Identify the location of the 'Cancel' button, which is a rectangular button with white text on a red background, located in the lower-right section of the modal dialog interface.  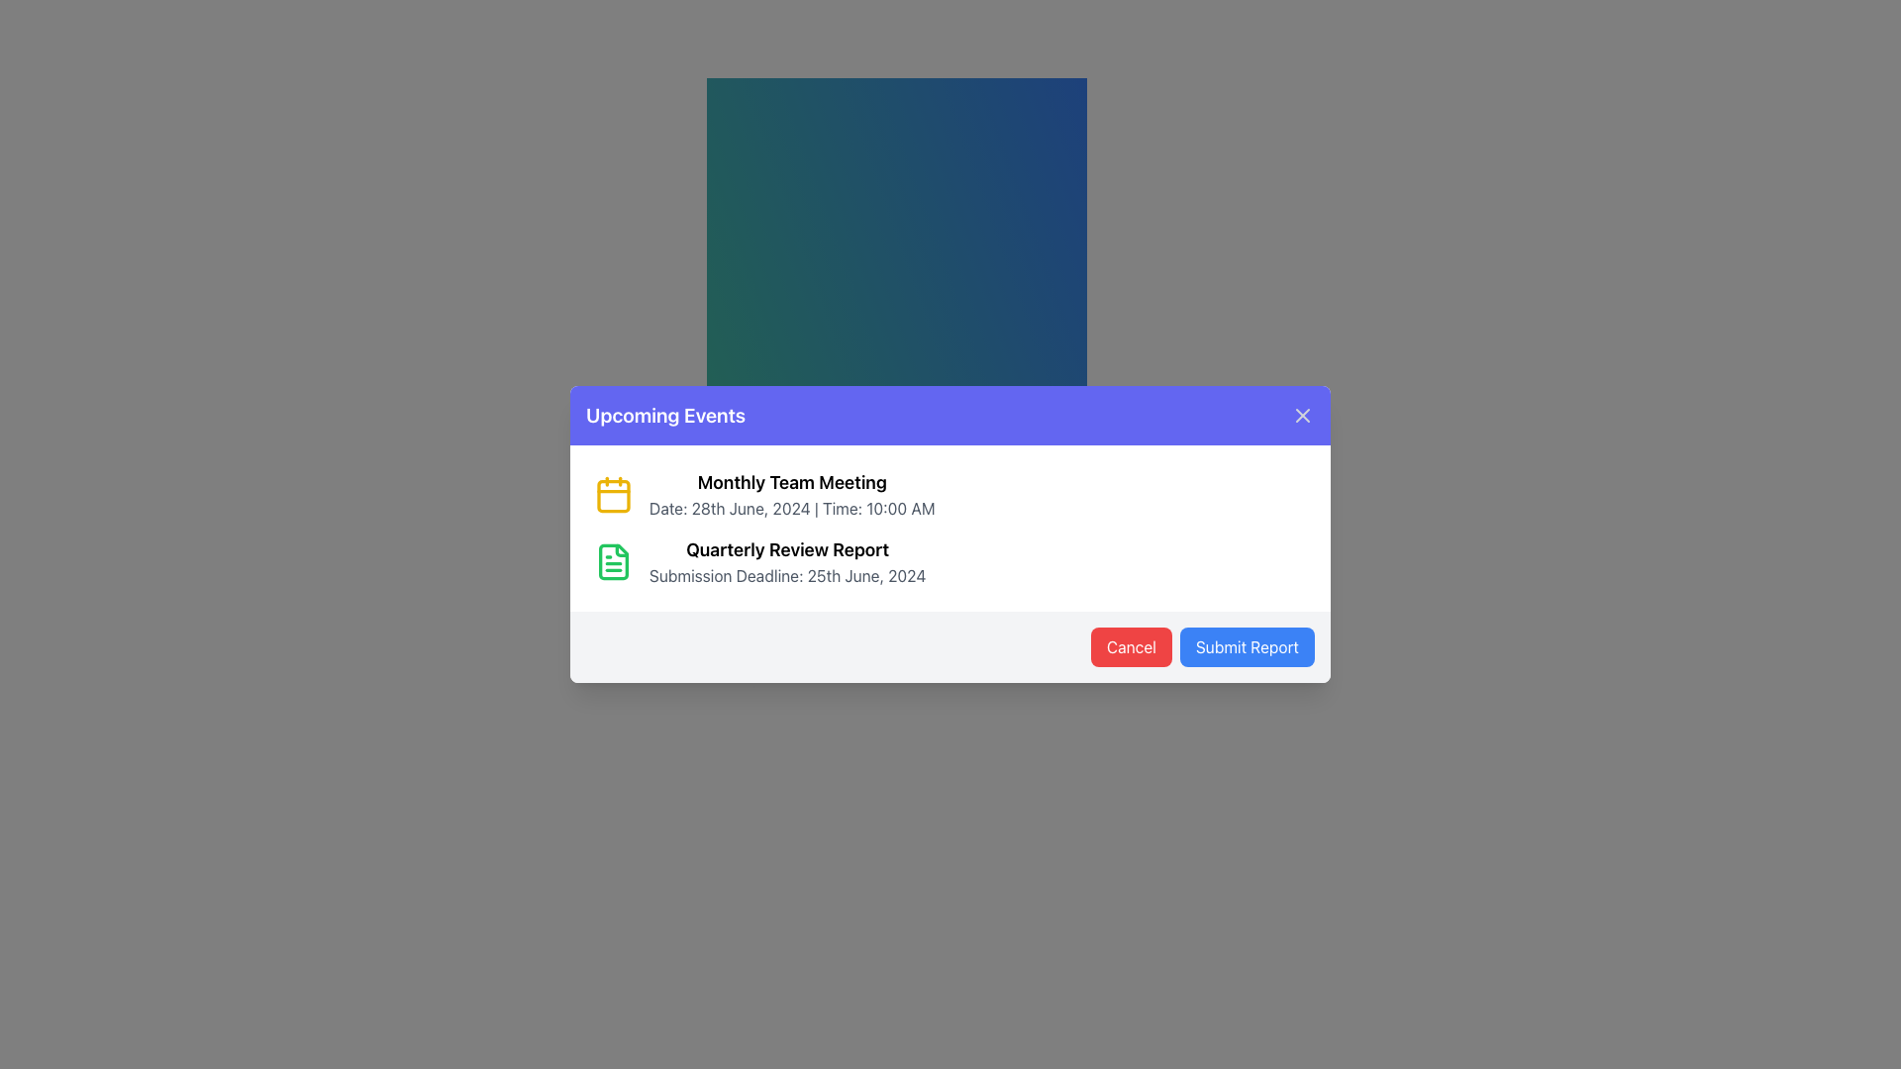
(1131, 647).